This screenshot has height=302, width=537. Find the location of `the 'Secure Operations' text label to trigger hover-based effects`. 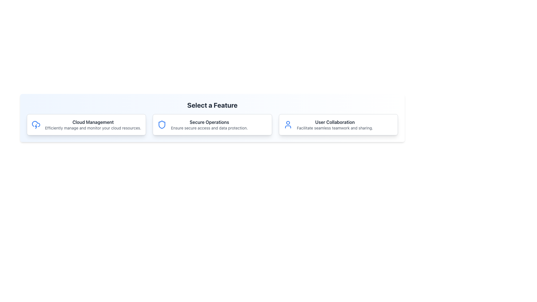

the 'Secure Operations' text label to trigger hover-based effects is located at coordinates (209, 122).